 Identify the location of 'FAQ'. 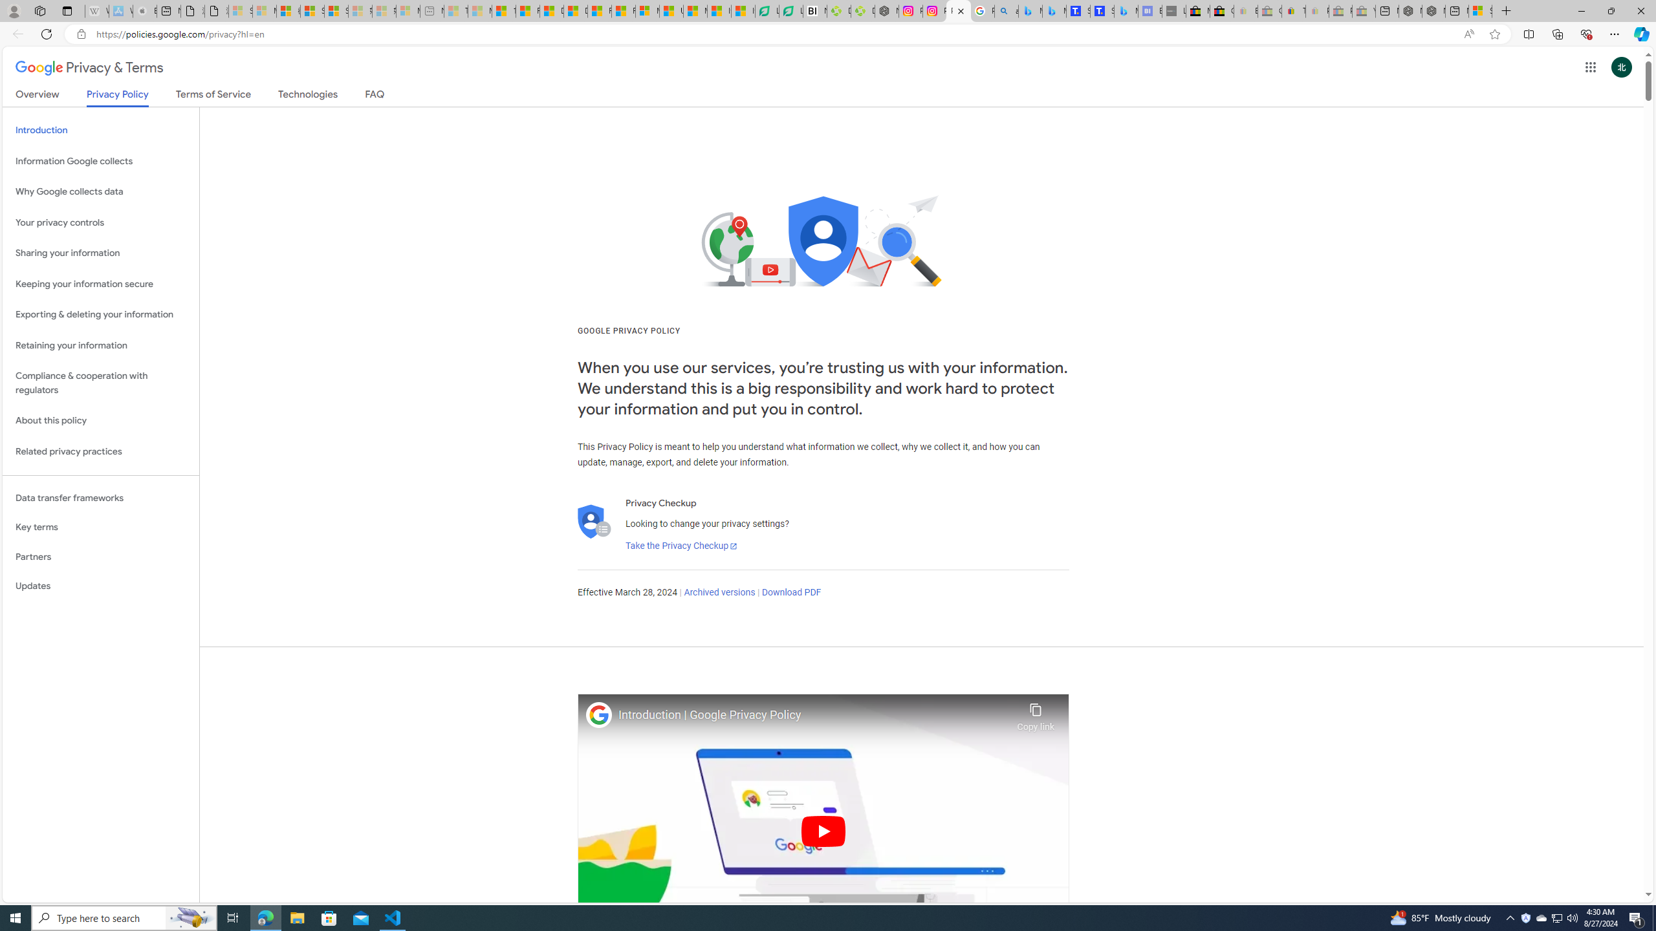
(374, 96).